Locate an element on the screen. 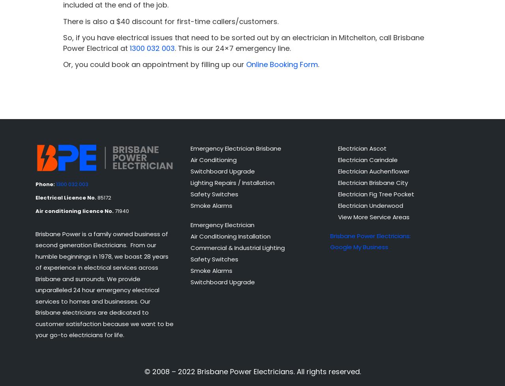 Image resolution: width=505 pixels, height=386 pixels. 'Electrician Underwood' is located at coordinates (370, 205).